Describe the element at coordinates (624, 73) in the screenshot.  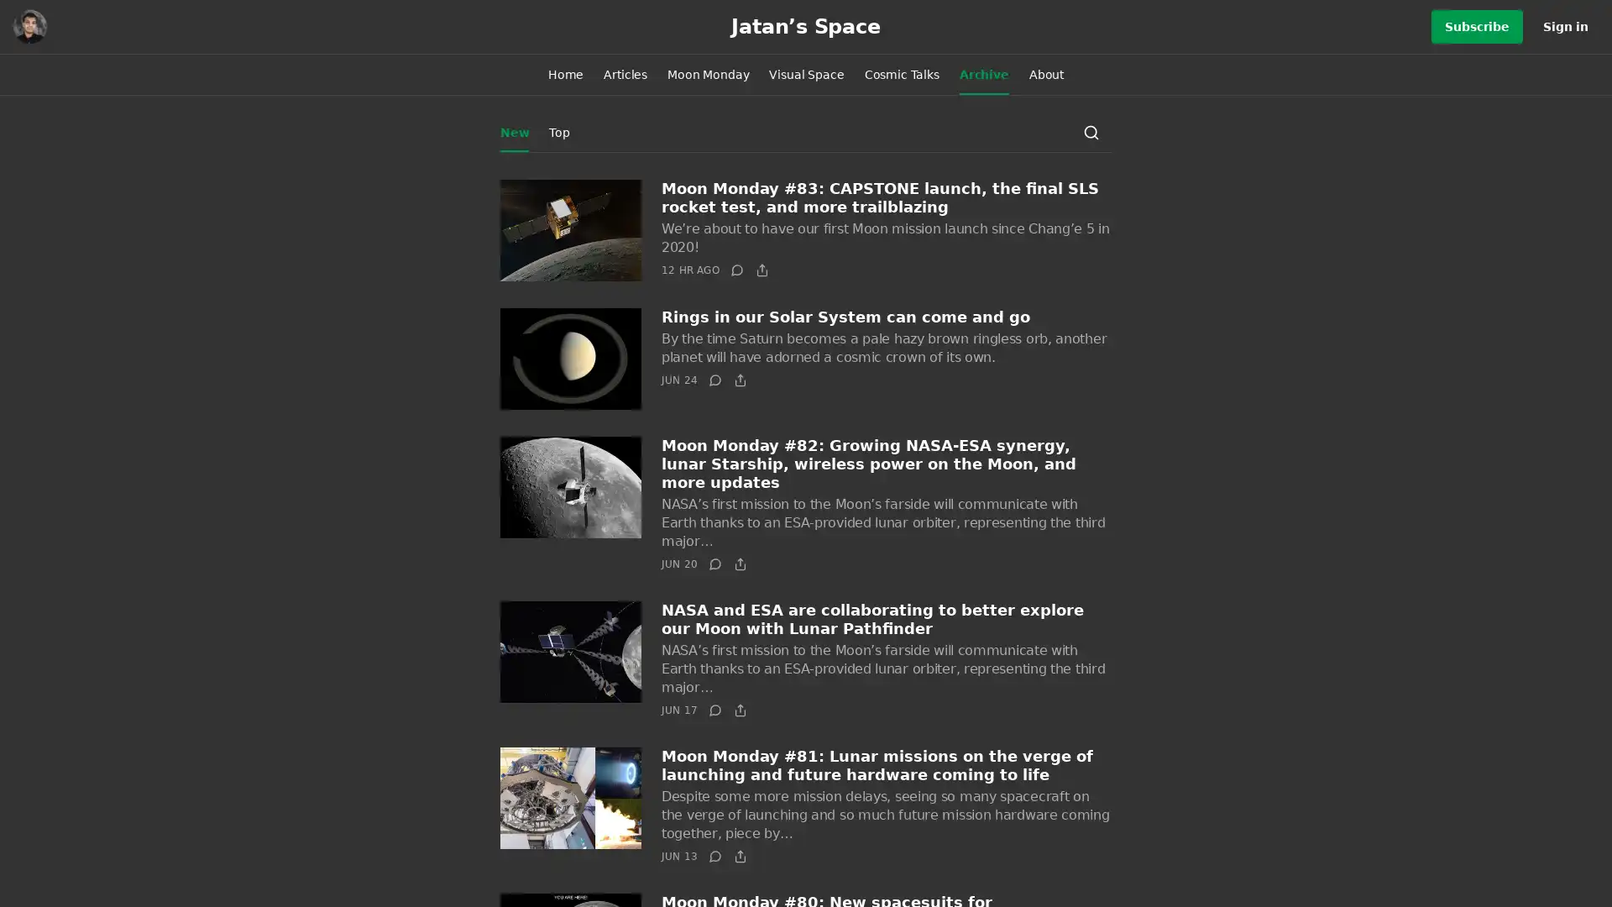
I see `Articles` at that location.